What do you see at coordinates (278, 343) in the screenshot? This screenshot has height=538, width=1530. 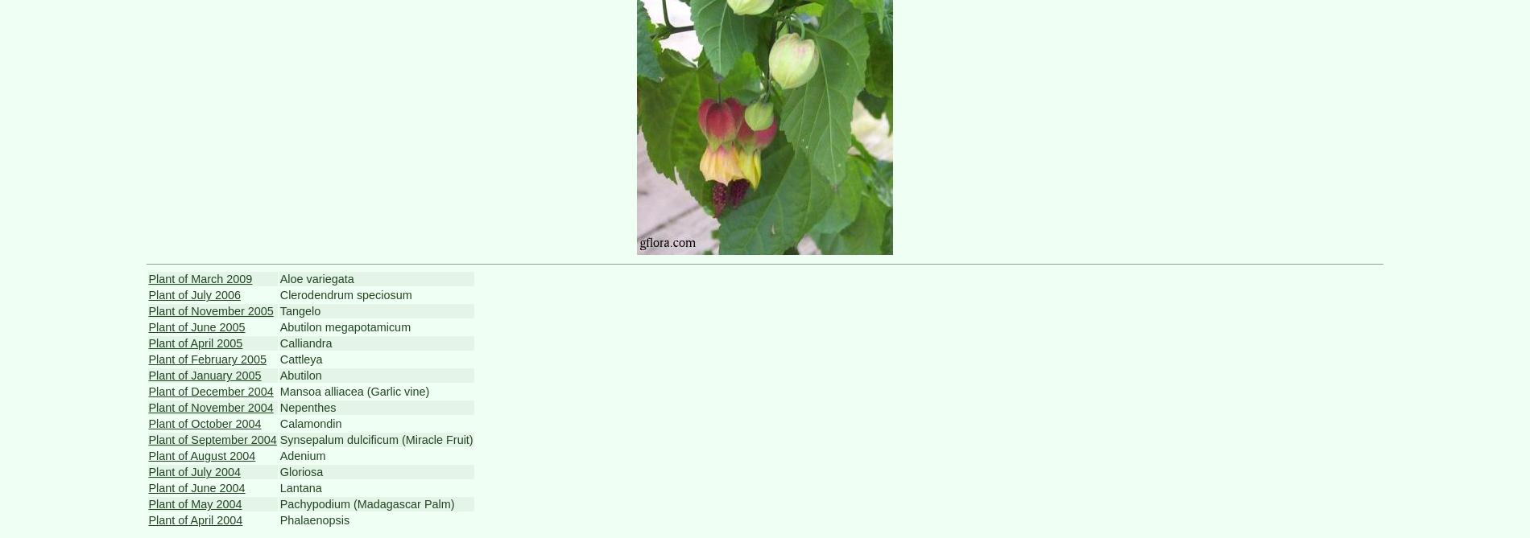 I see `'Calliandra'` at bounding box center [278, 343].